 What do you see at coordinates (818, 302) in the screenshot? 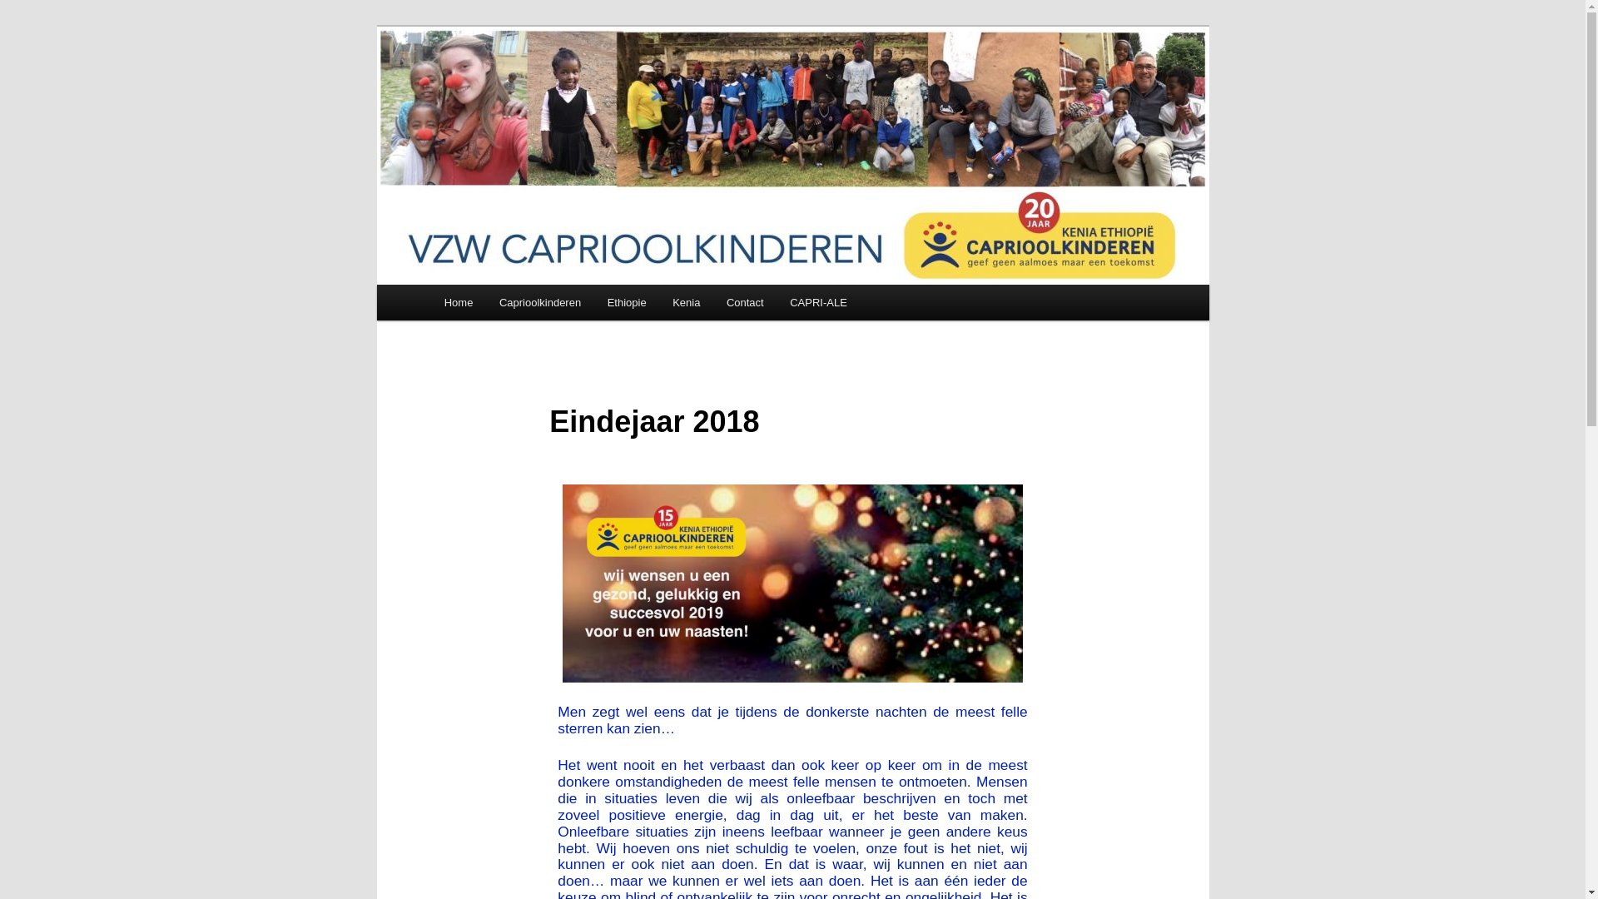
I see `'CAPRI-ALE'` at bounding box center [818, 302].